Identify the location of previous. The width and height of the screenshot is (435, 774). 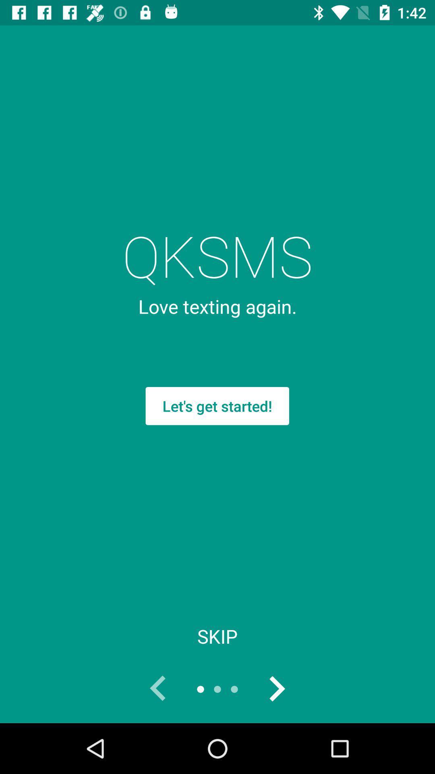
(158, 689).